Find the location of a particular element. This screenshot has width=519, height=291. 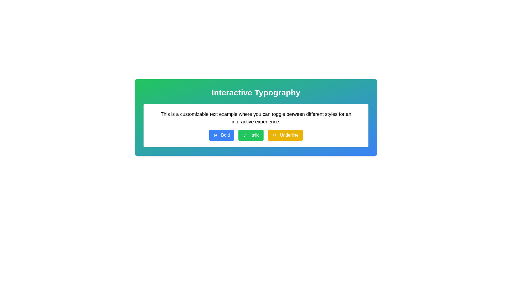

the 'Bold' button icon, which is the first icon among three adjacent buttons at the bottom of the interface, positioned before the text label 'Bold' is located at coordinates (215, 135).